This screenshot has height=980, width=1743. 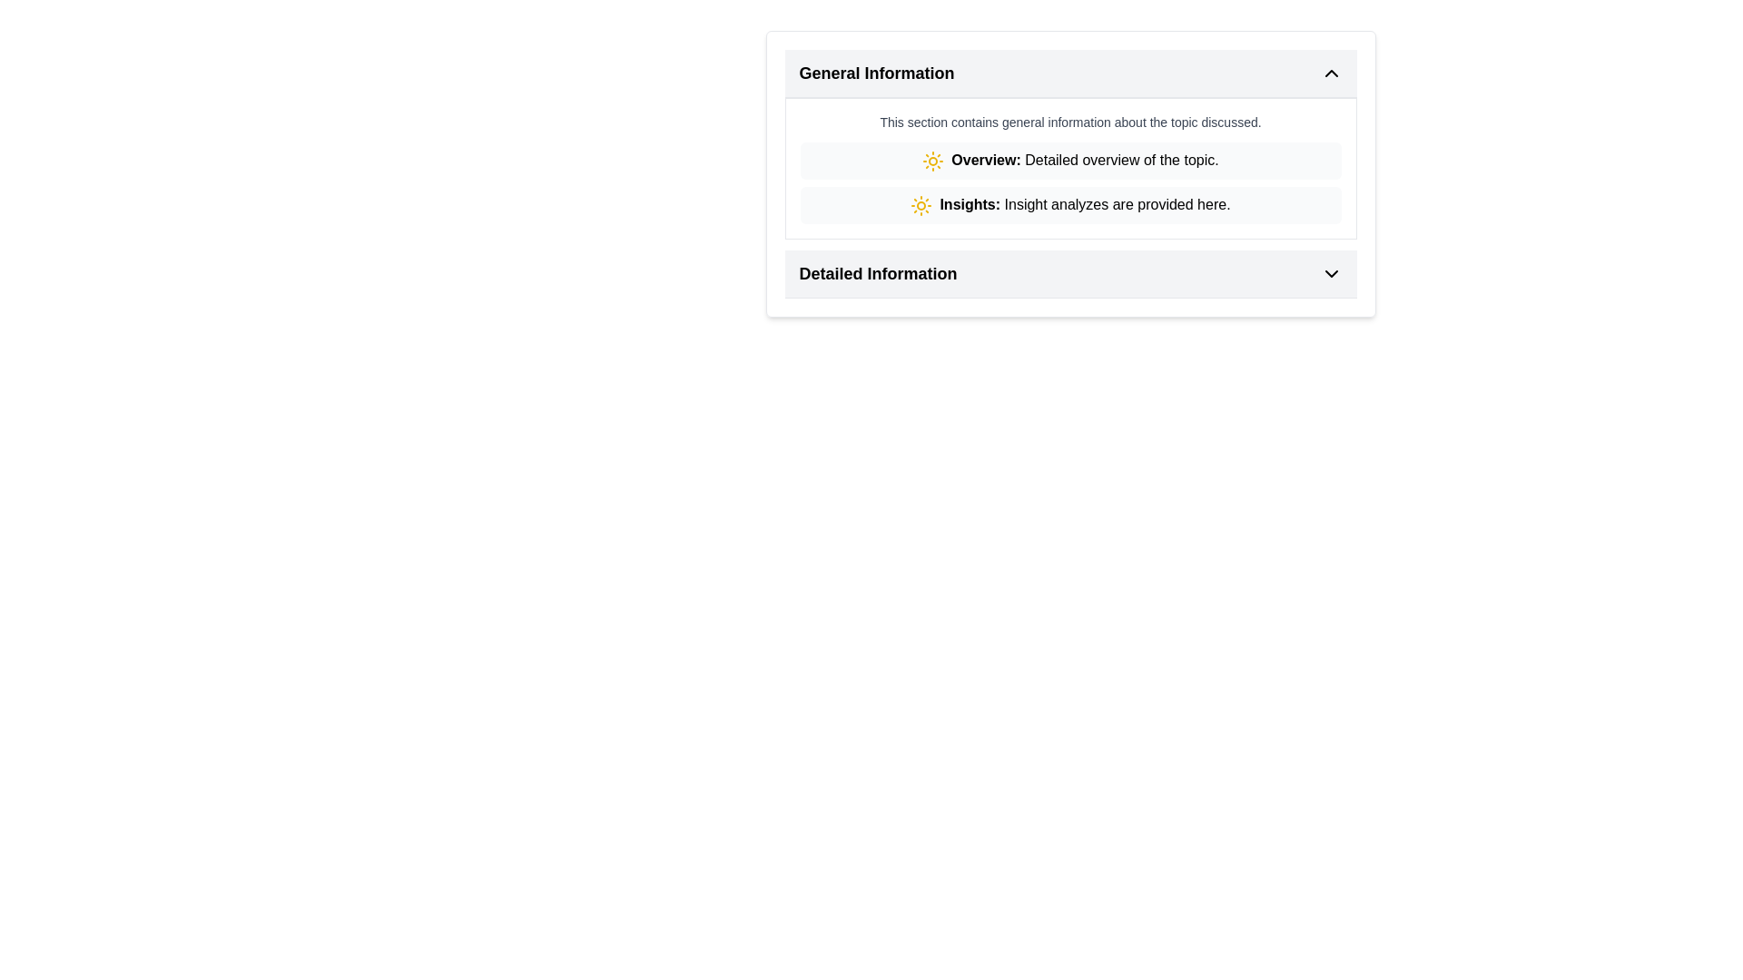 I want to click on text content of the 'Insights' section title, which is located adjacent to a yellow sun icon in the 'General Information' panel, so click(x=969, y=204).